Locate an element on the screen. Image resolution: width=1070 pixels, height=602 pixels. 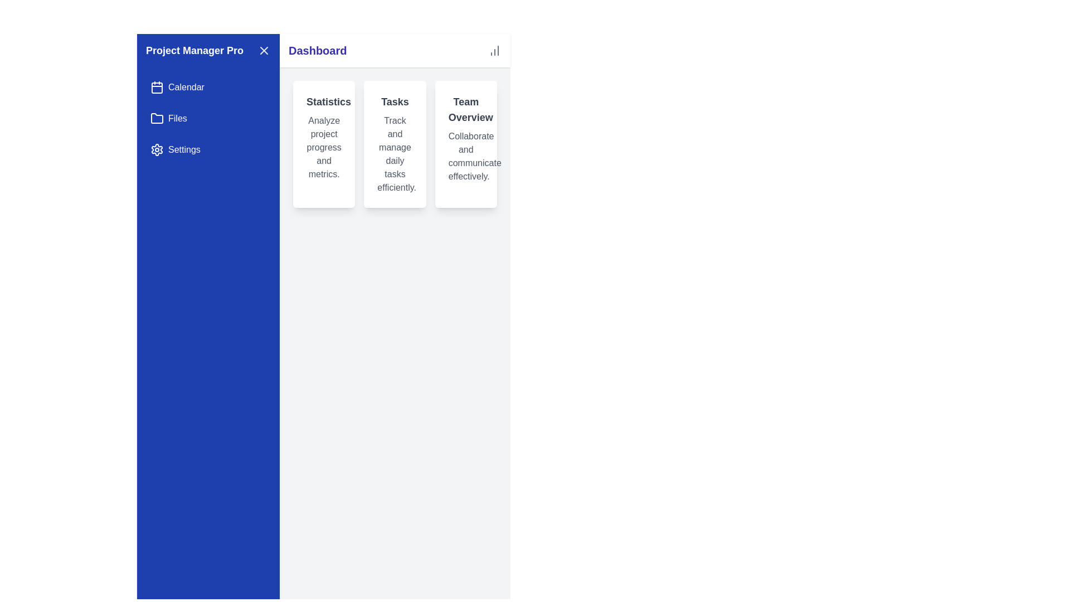
the folder icon representing the 'Files' functionality in the navigation menu is located at coordinates (157, 118).